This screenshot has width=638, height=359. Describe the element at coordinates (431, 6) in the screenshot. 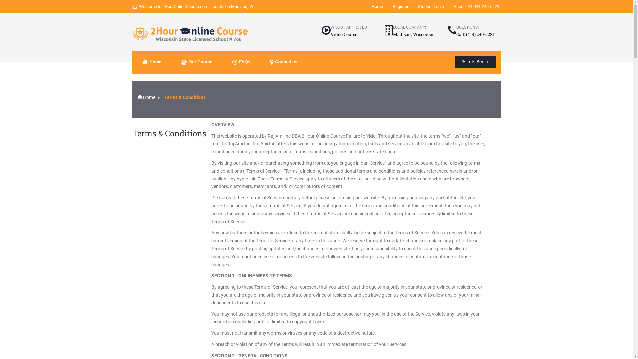

I see `'Student Login'` at that location.